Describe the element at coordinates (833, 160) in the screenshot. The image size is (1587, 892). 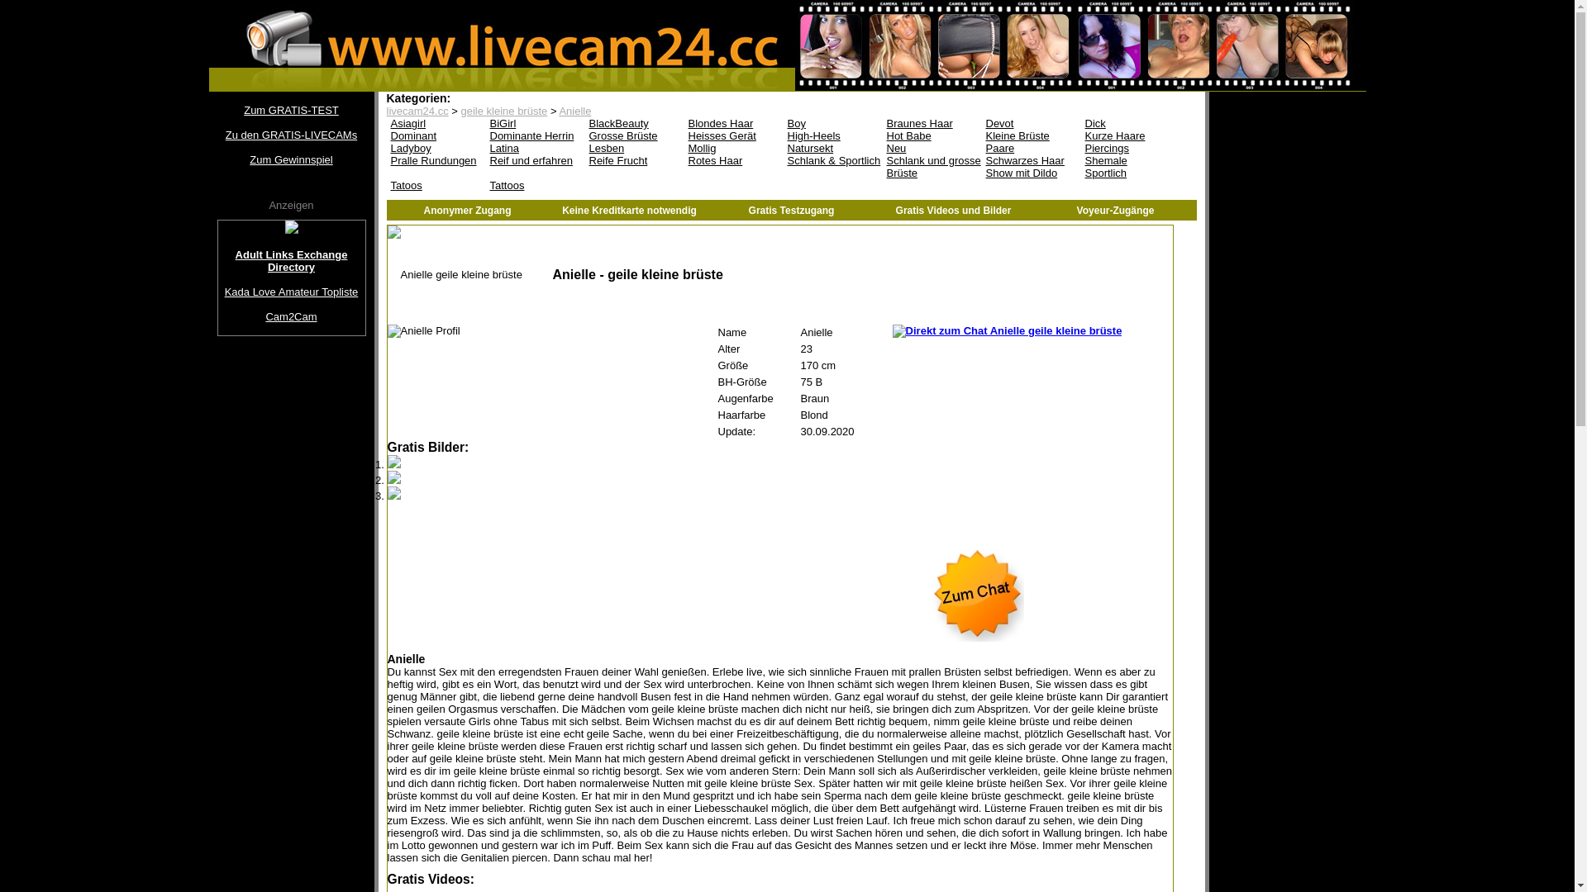
I see `'Schlank & Sportlich'` at that location.